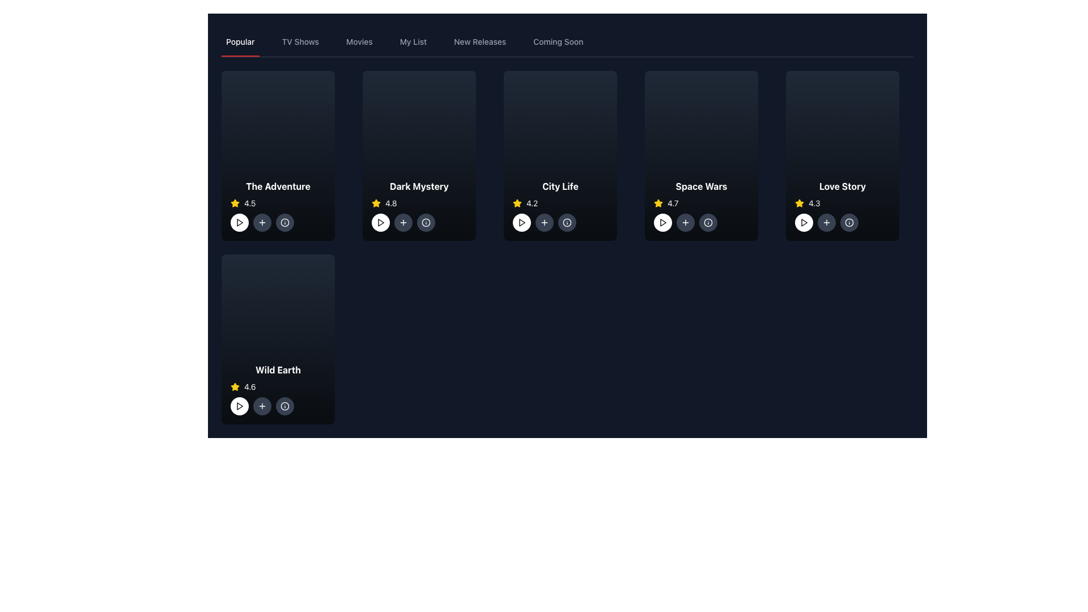  I want to click on the decorative SVG Circle located below 'The Adventure' card in the Popular movies section, so click(285, 223).